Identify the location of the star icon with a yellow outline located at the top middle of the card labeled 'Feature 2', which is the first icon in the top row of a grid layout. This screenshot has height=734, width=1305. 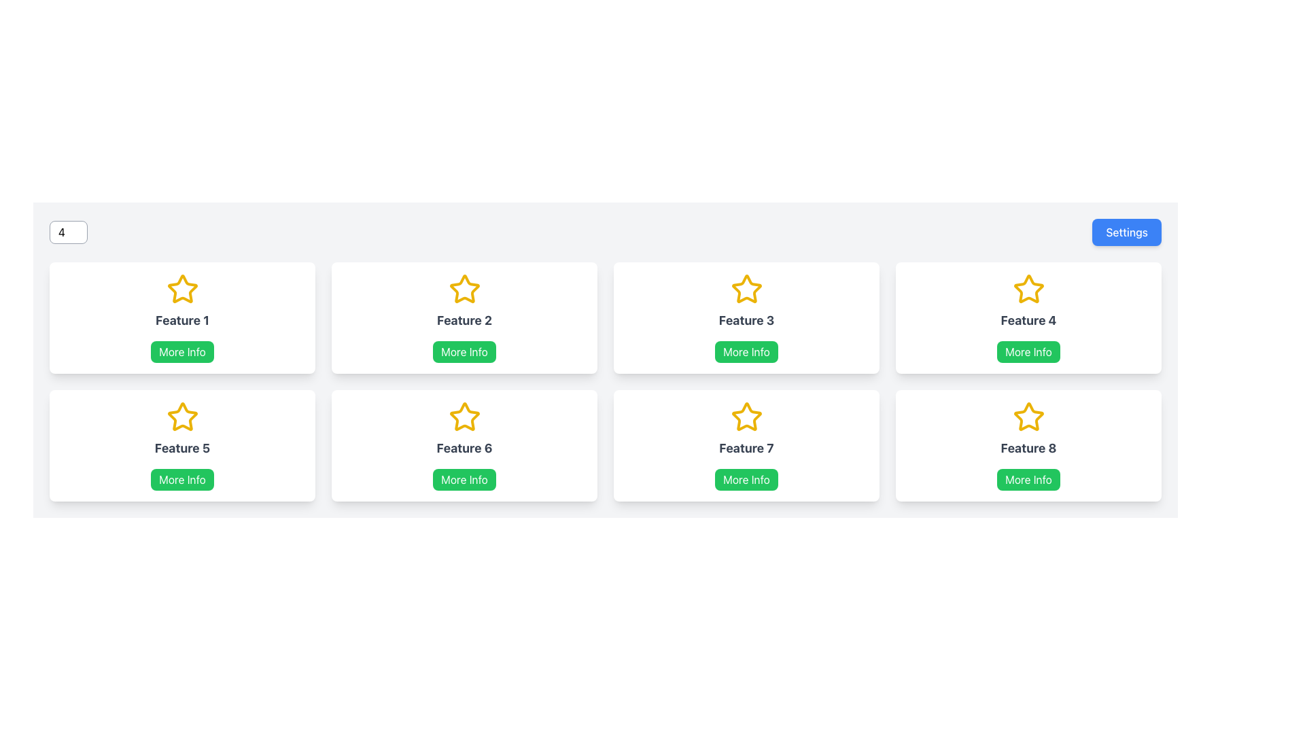
(464, 288).